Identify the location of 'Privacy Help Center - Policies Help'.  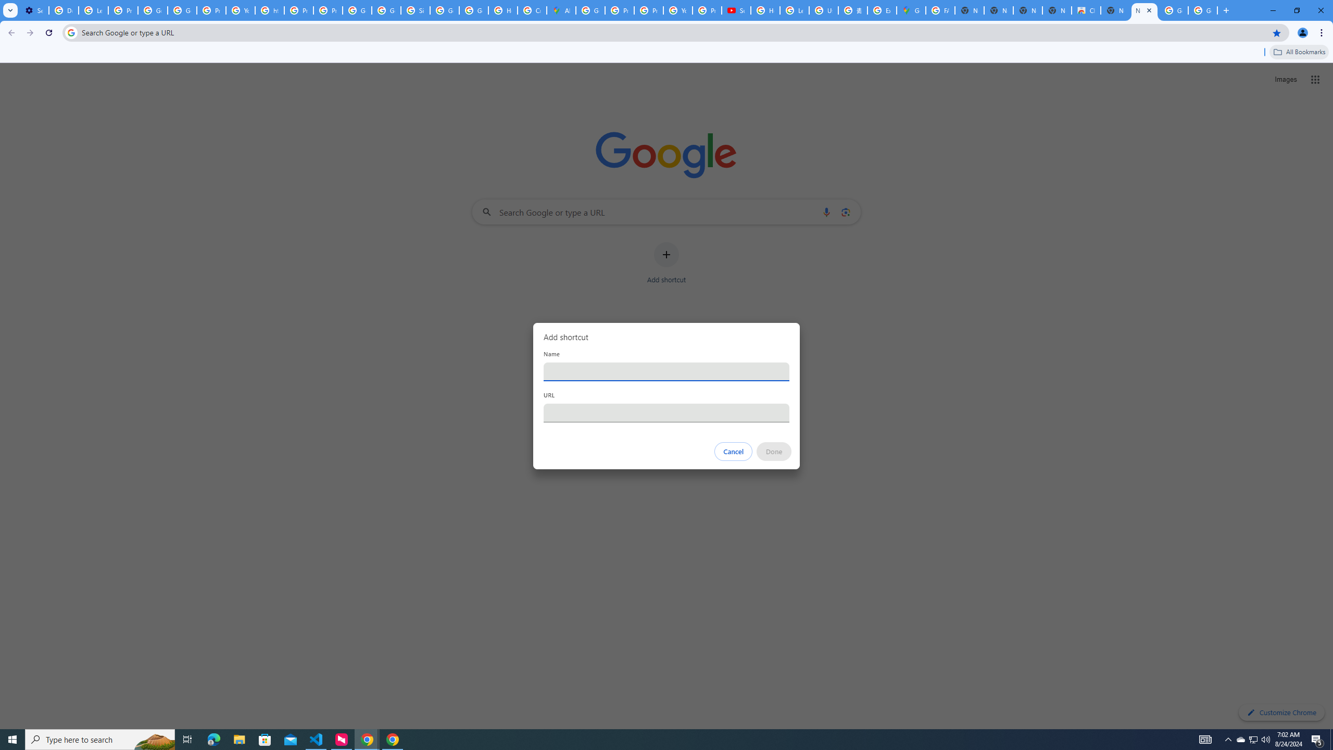
(619, 10).